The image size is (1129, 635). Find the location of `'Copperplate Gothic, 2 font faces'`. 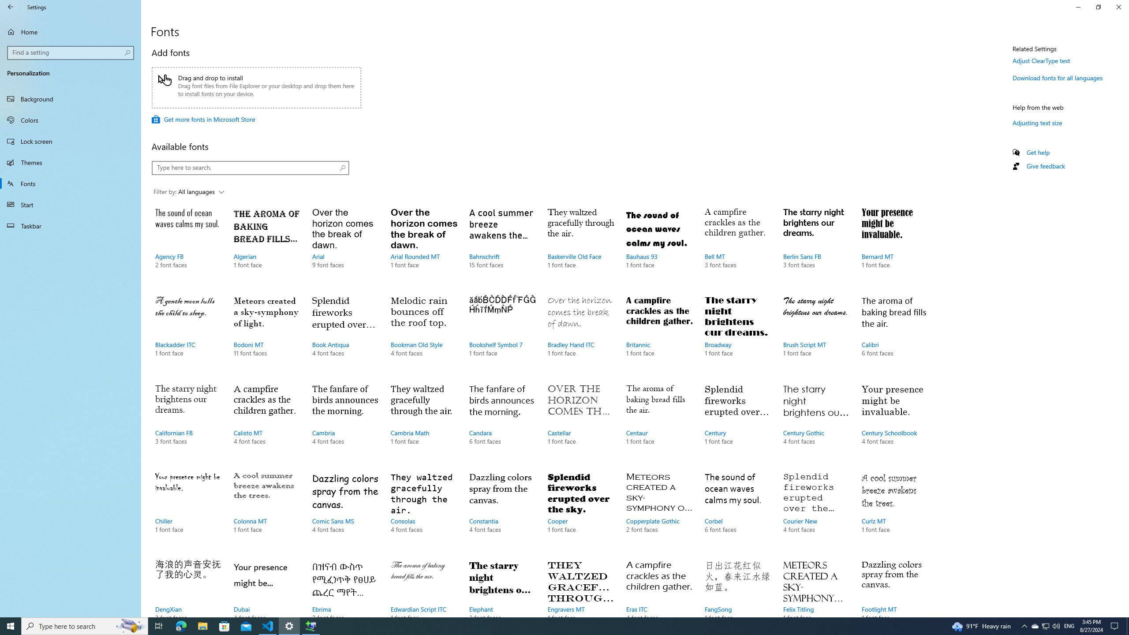

'Copperplate Gothic, 2 font faces' is located at coordinates (659, 511).